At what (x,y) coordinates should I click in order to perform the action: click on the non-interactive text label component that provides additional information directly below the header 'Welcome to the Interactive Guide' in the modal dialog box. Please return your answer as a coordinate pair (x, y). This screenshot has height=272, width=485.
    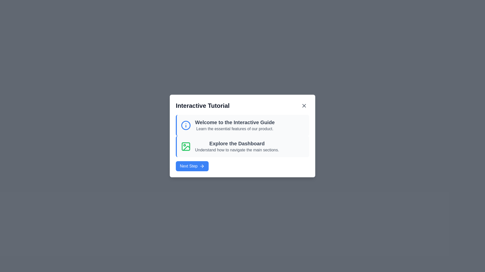
    Looking at the image, I should click on (234, 129).